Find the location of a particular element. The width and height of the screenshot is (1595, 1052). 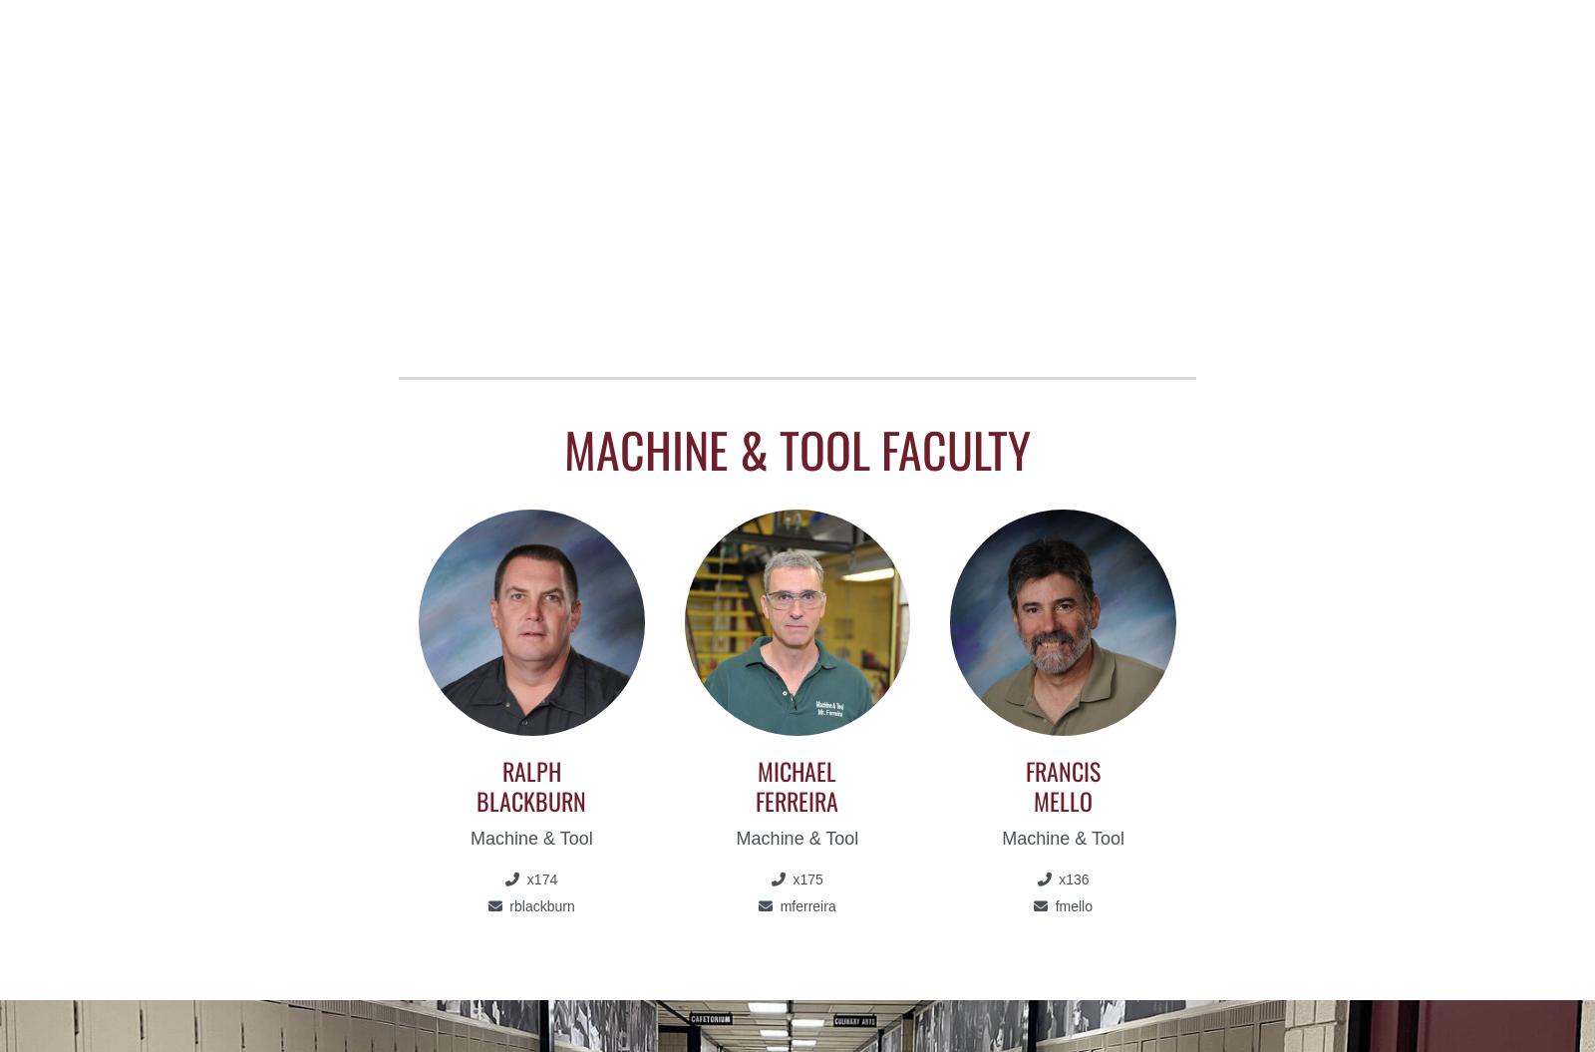

'x175' is located at coordinates (804, 877).